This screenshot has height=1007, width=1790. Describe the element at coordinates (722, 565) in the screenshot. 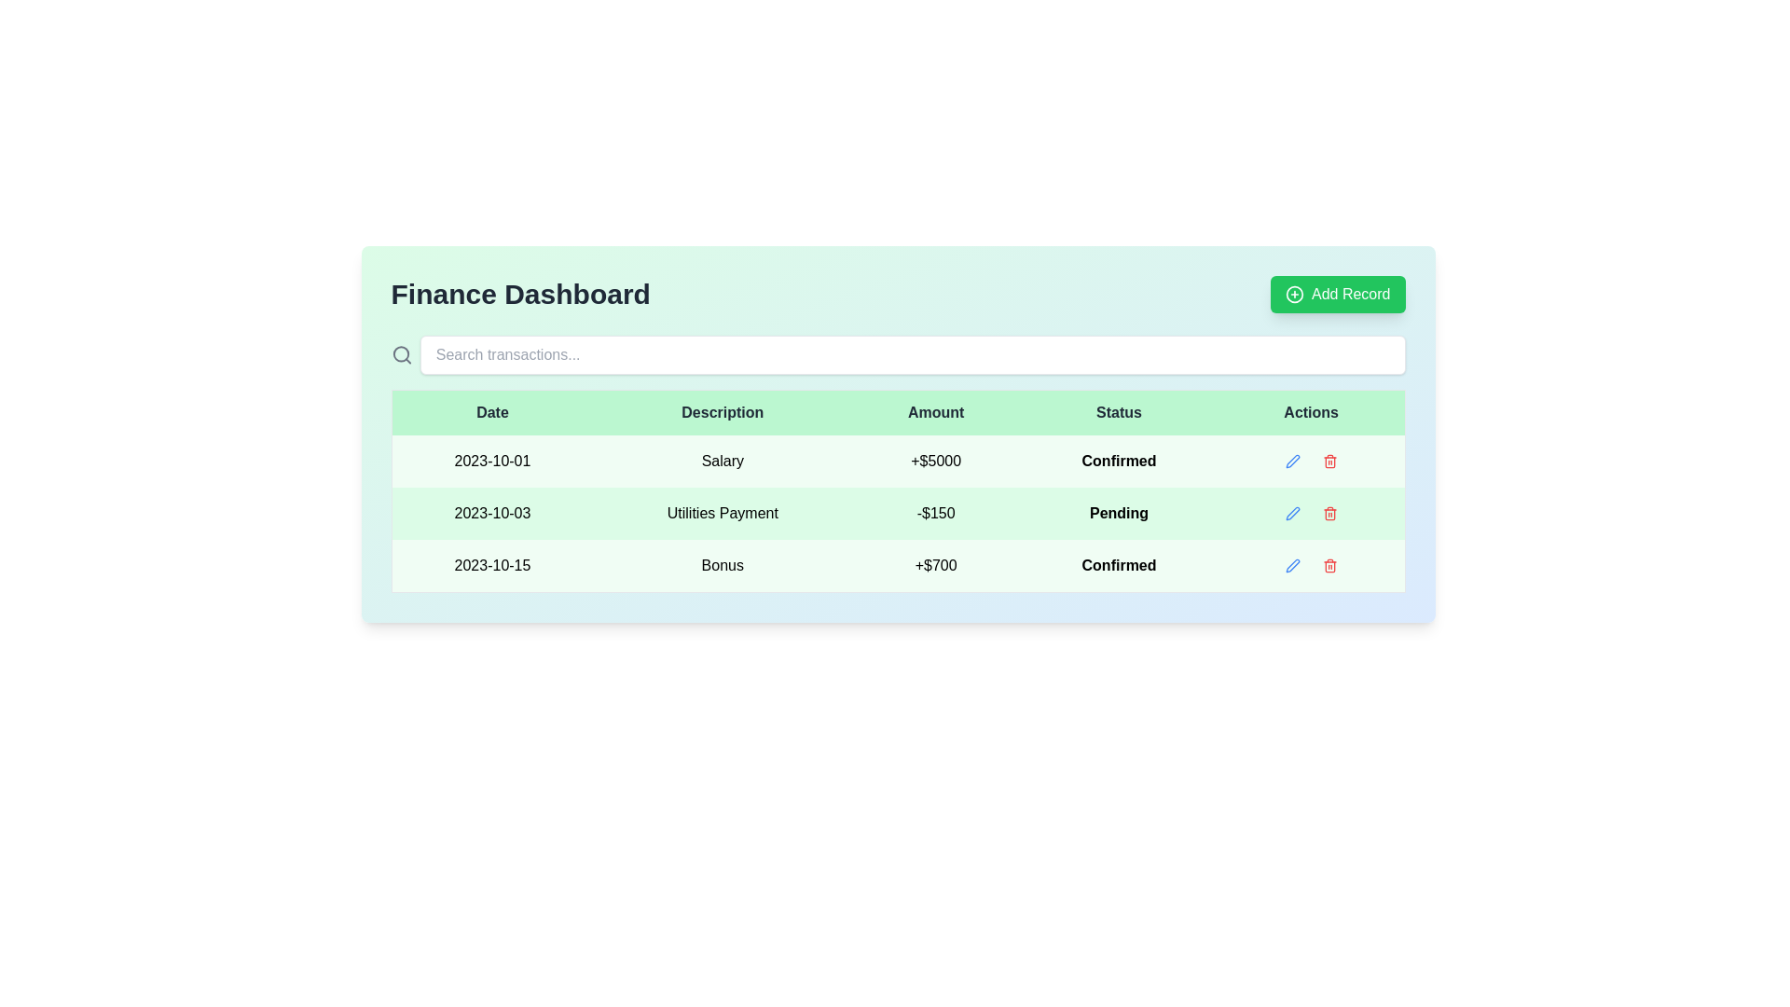

I see `the table cell in the third row under the 'Description' column that contains the transaction descriptor, located between '2023-10-15' and '+$700'` at that location.